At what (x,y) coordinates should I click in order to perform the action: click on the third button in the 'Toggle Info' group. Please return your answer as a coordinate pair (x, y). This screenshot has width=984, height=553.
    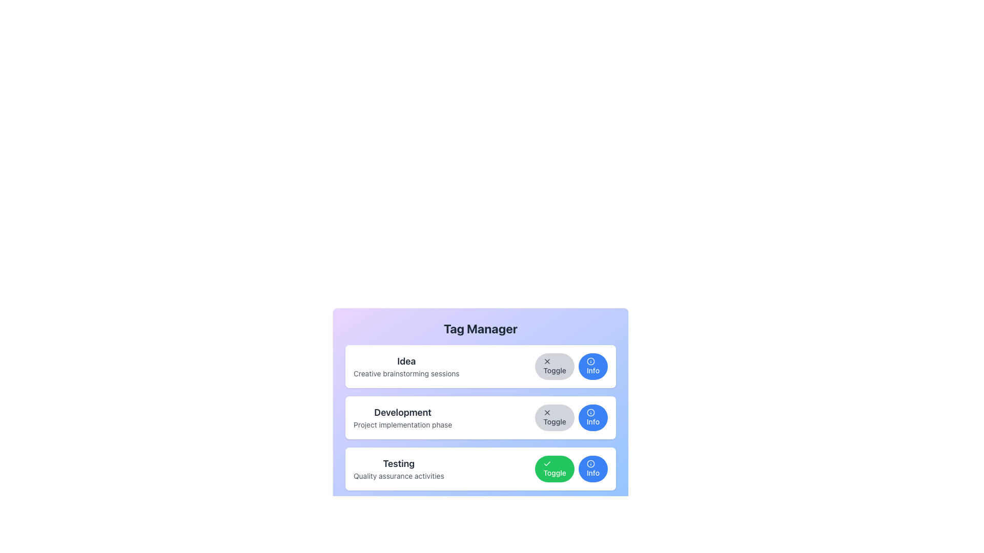
    Looking at the image, I should click on (593, 366).